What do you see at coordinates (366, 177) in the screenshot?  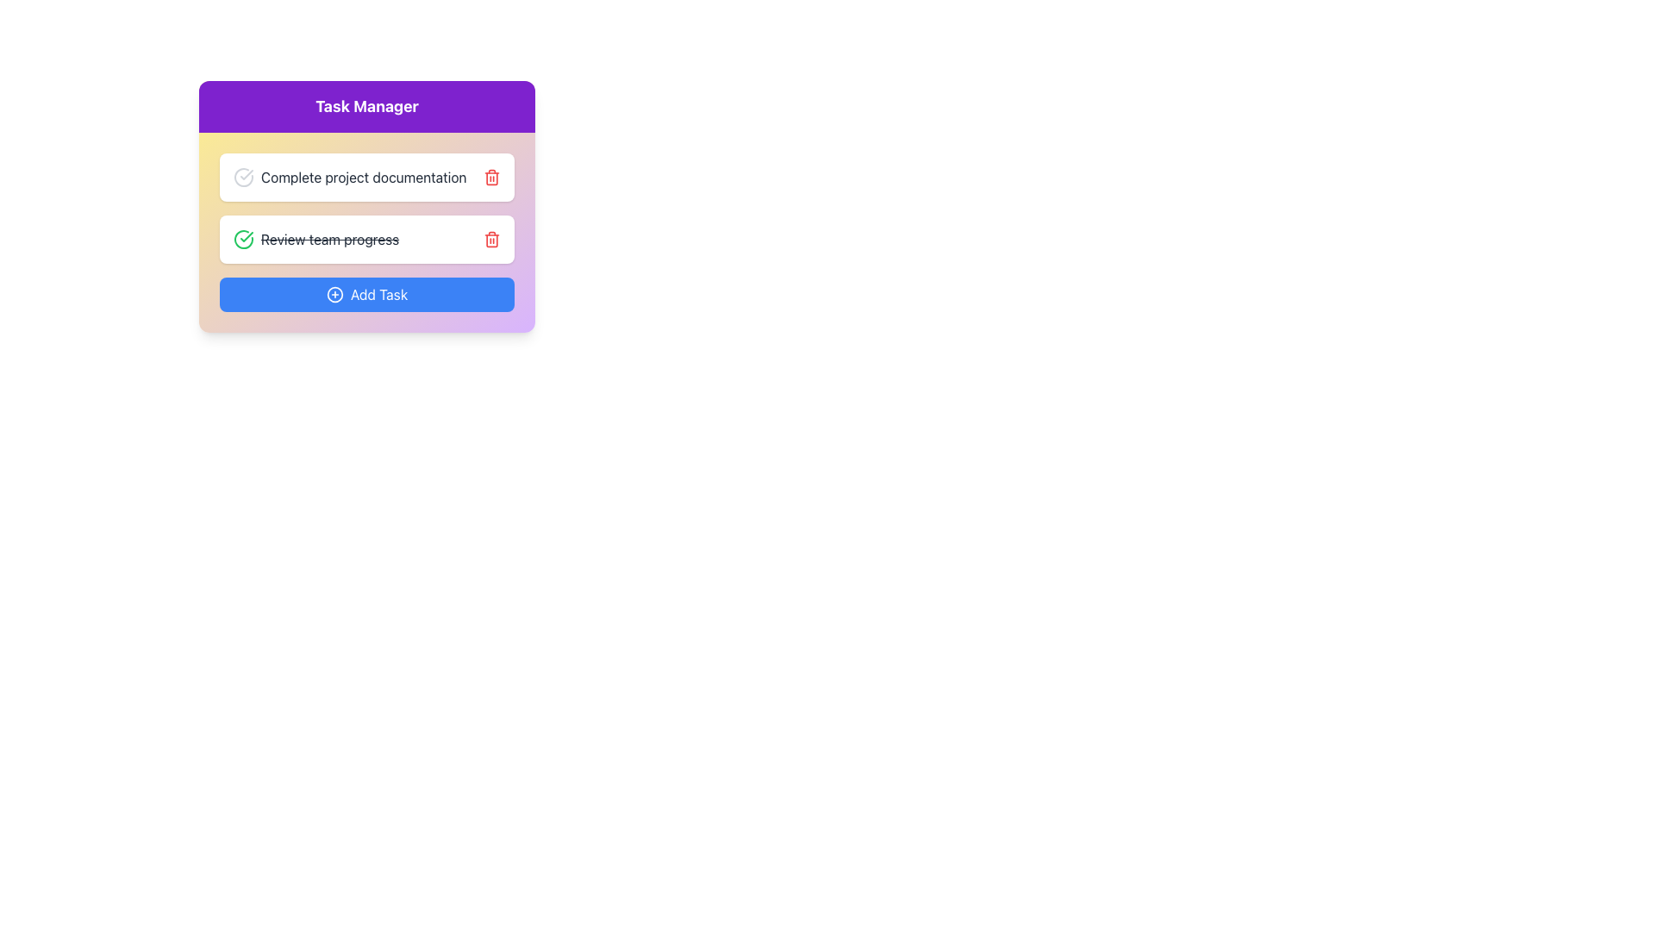 I see `the check icon in the task entry labeled 'Complete project documentation' to mark the task as complete` at bounding box center [366, 177].